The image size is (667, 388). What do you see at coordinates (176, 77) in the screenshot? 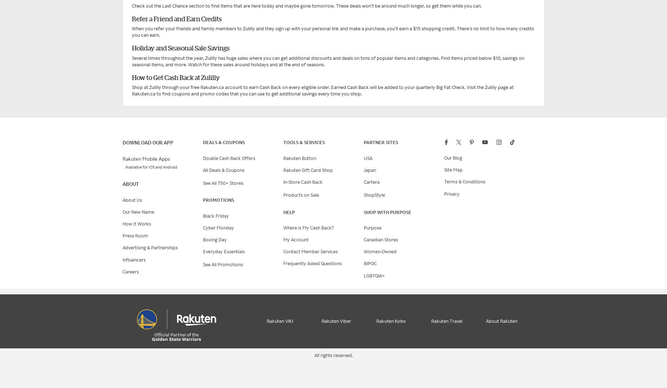
I see `'How to Get Cash Back at Zulilly'` at bounding box center [176, 77].